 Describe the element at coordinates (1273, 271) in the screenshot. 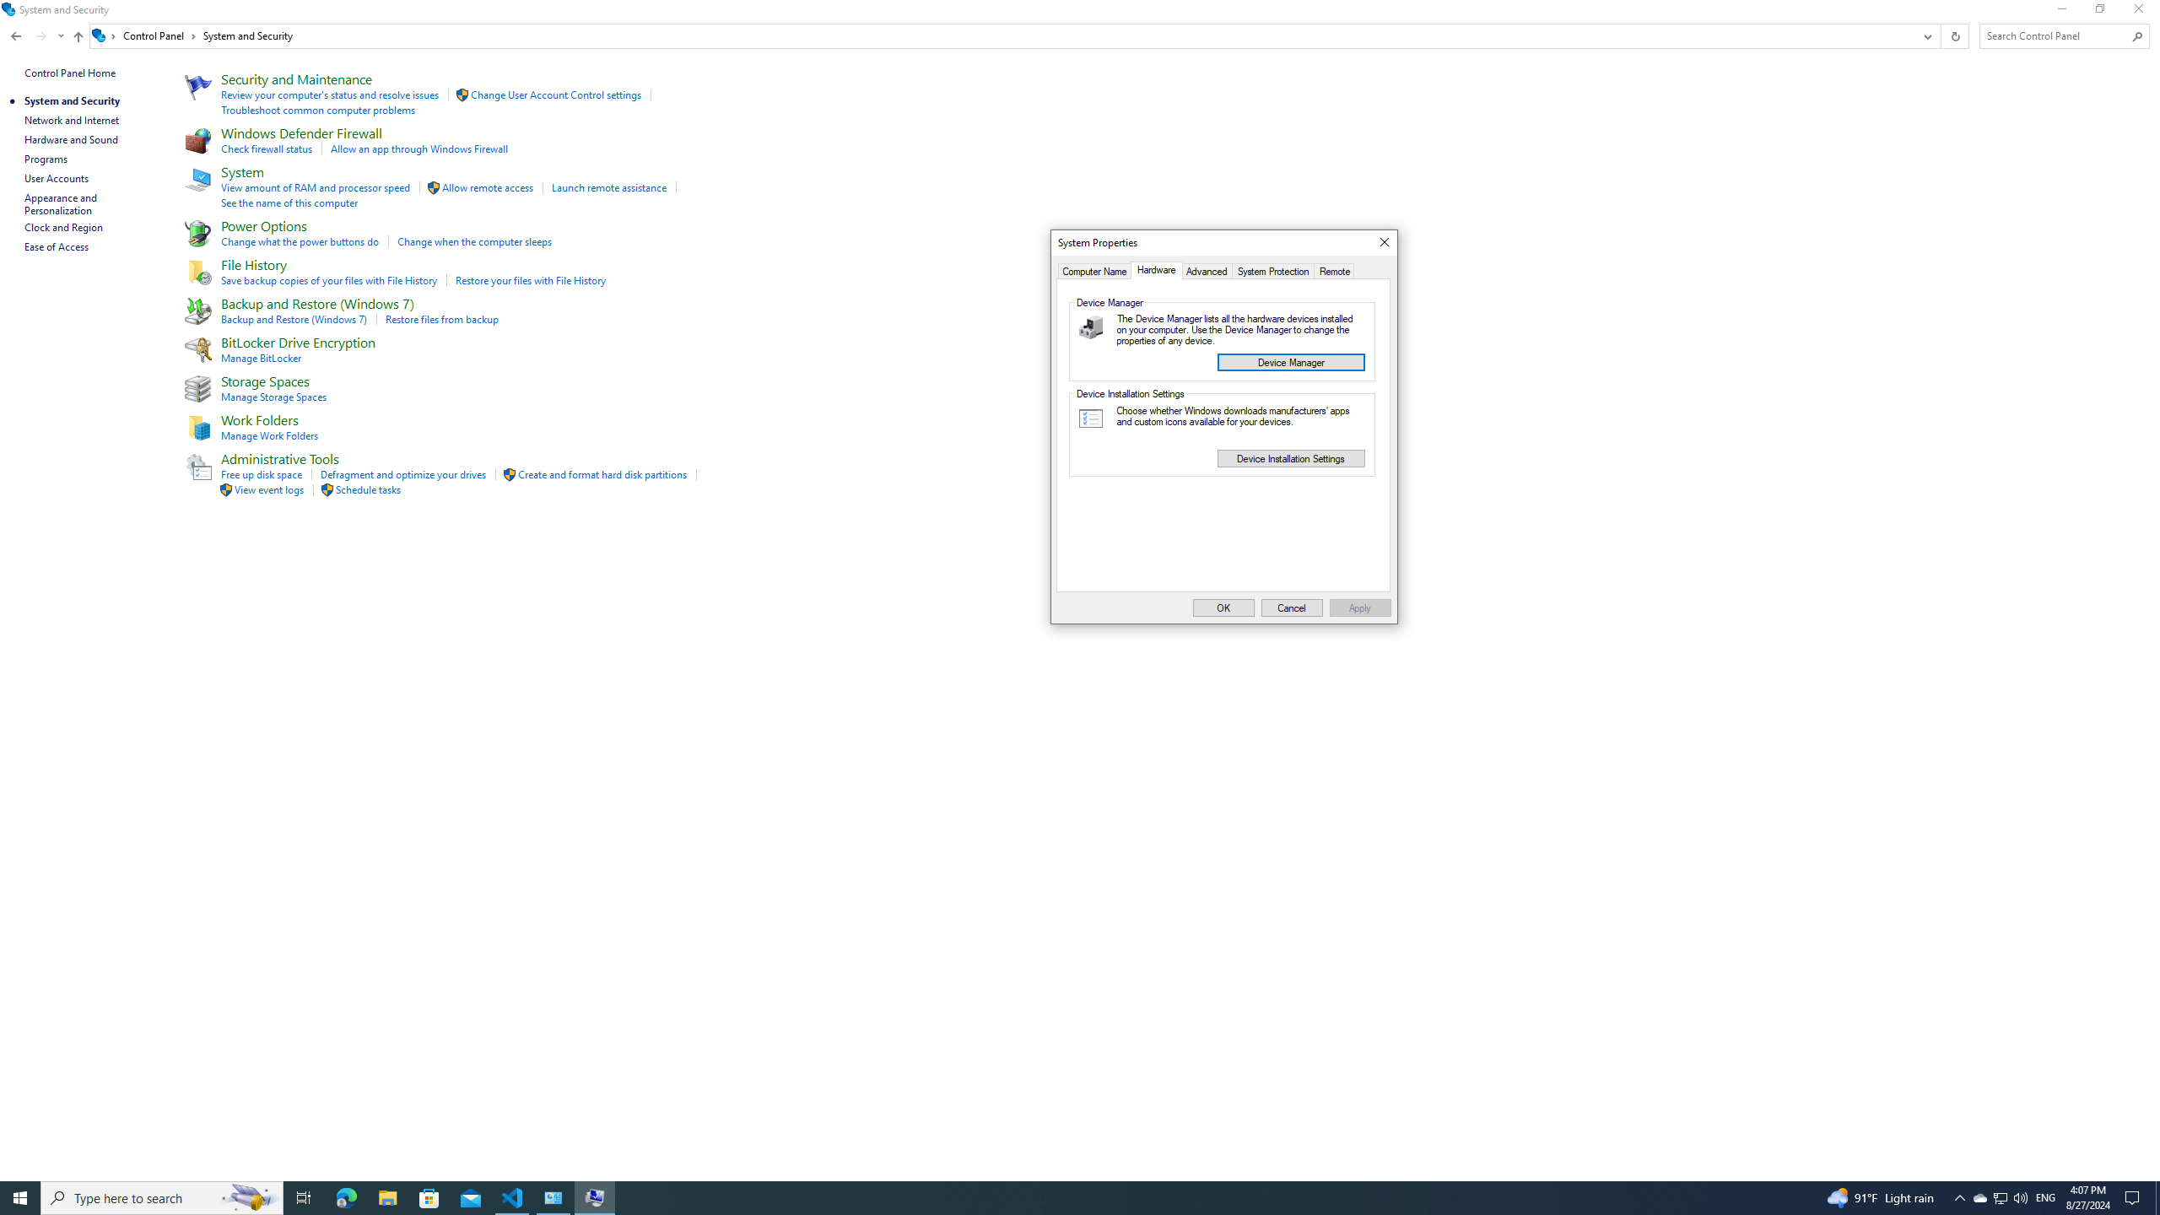

I see `'System Protection'` at that location.